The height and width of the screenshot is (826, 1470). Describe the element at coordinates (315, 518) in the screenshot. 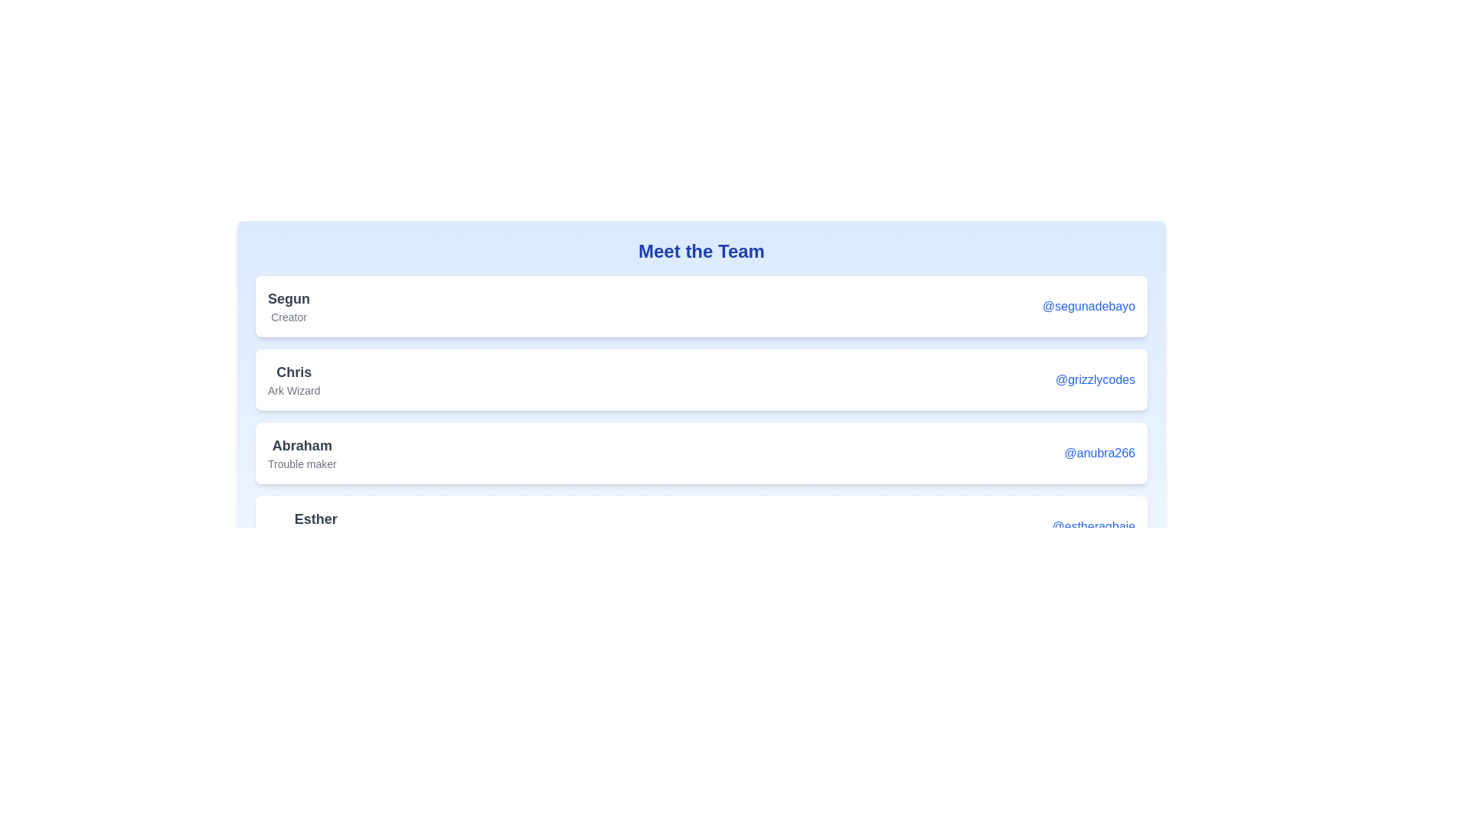

I see `the text label 'Esther', which is styled in bold and larger font, positioned at the top of the user information block, and appears darker against a light background` at that location.